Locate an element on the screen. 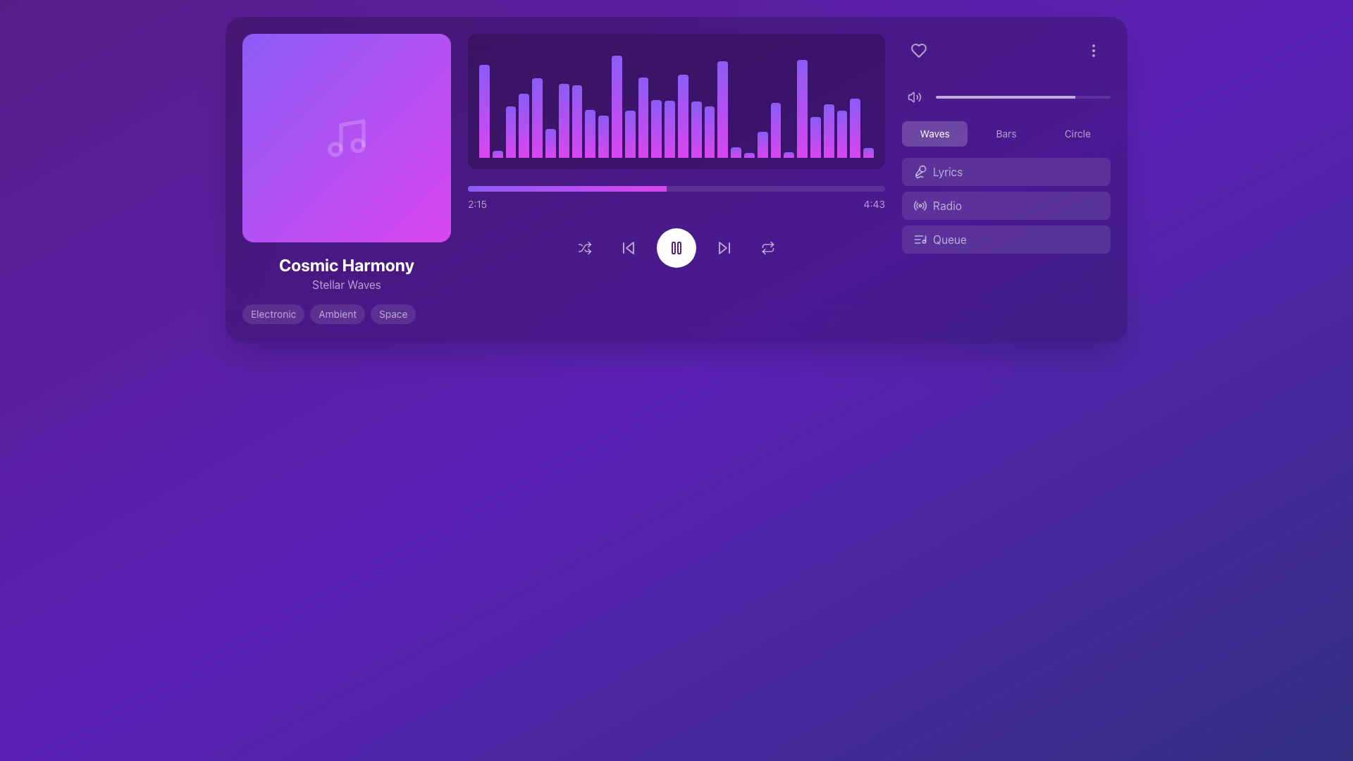 This screenshot has height=761, width=1353. the subtitle text label located underneath the 'Cosmic Harmony' title, which provides additional context or details within the same text block is located at coordinates (346, 285).